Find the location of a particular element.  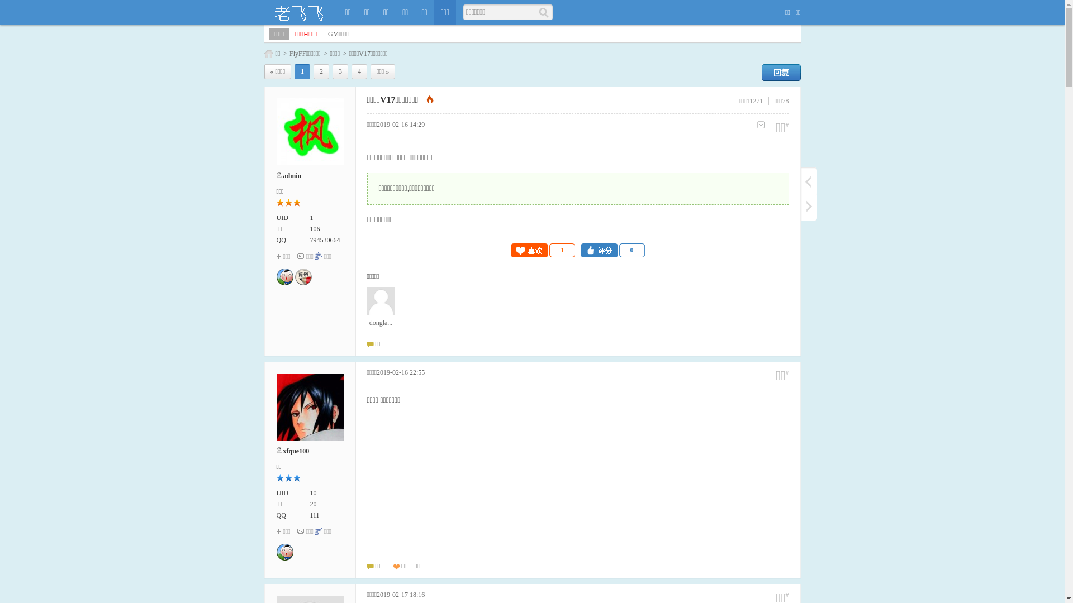

'3' is located at coordinates (332, 71).